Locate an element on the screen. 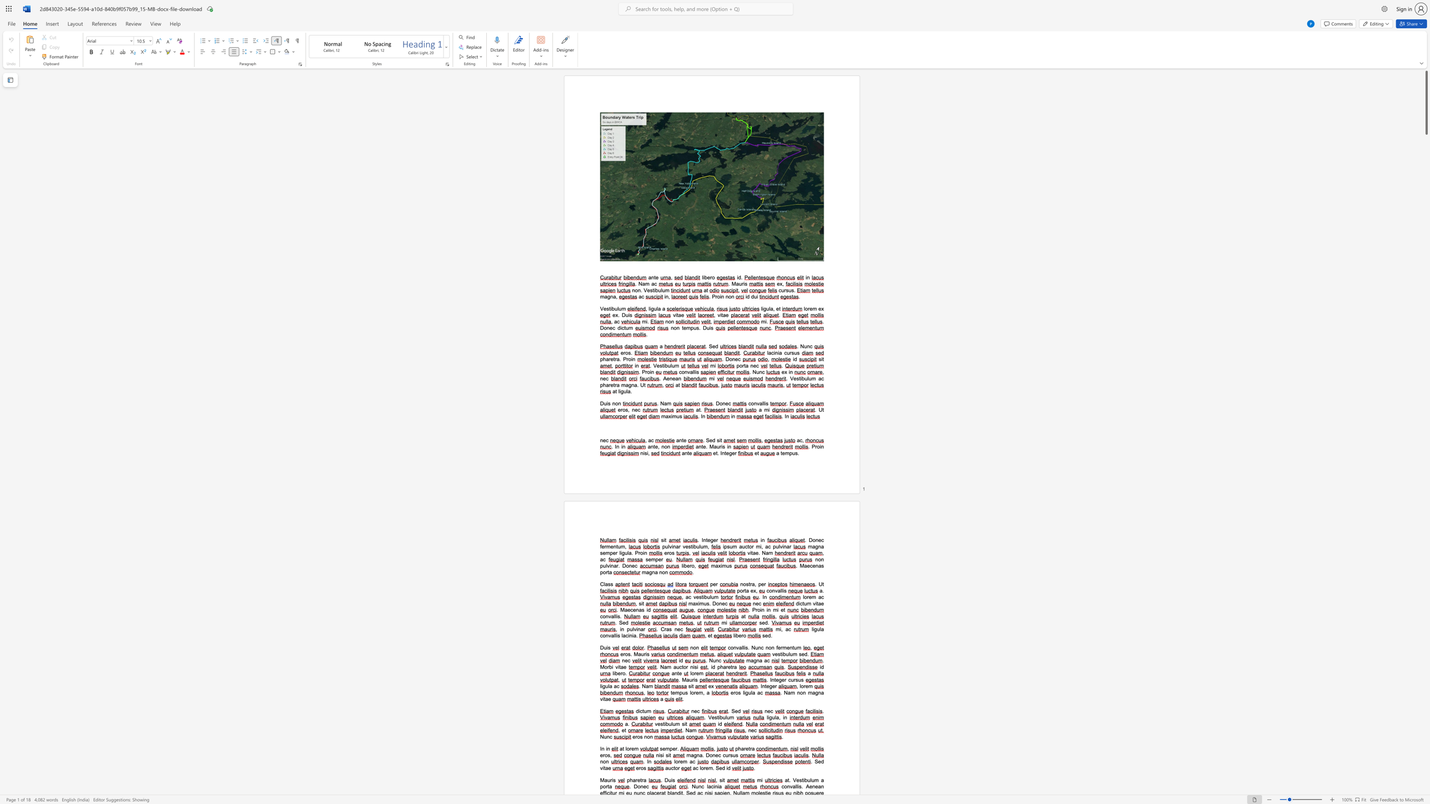 This screenshot has width=1430, height=804. the space between the continuous character "m" and "," in the text is located at coordinates (706, 547).